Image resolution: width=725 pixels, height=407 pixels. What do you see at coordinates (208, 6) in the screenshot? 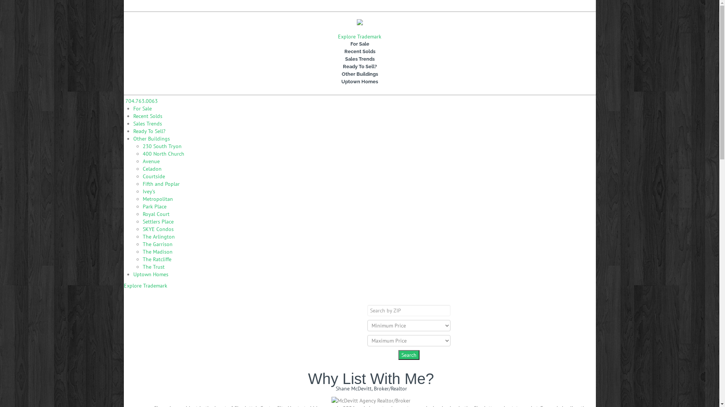
I see `'shane@themcdevittagency.com'` at bounding box center [208, 6].